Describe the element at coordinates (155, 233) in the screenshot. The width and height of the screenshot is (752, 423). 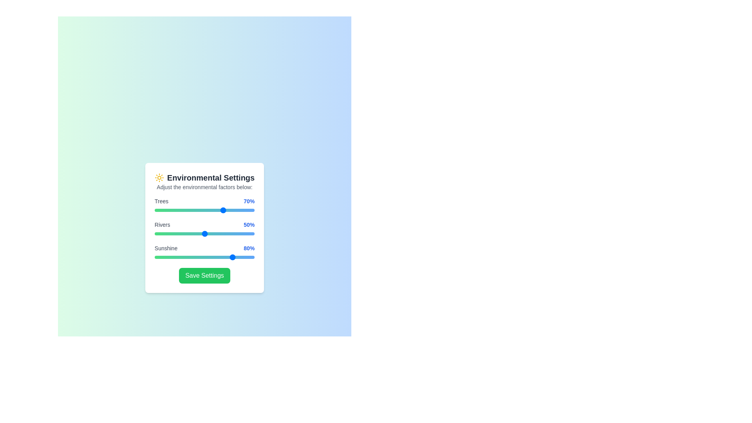
I see `the 1 slider to 1%` at that location.